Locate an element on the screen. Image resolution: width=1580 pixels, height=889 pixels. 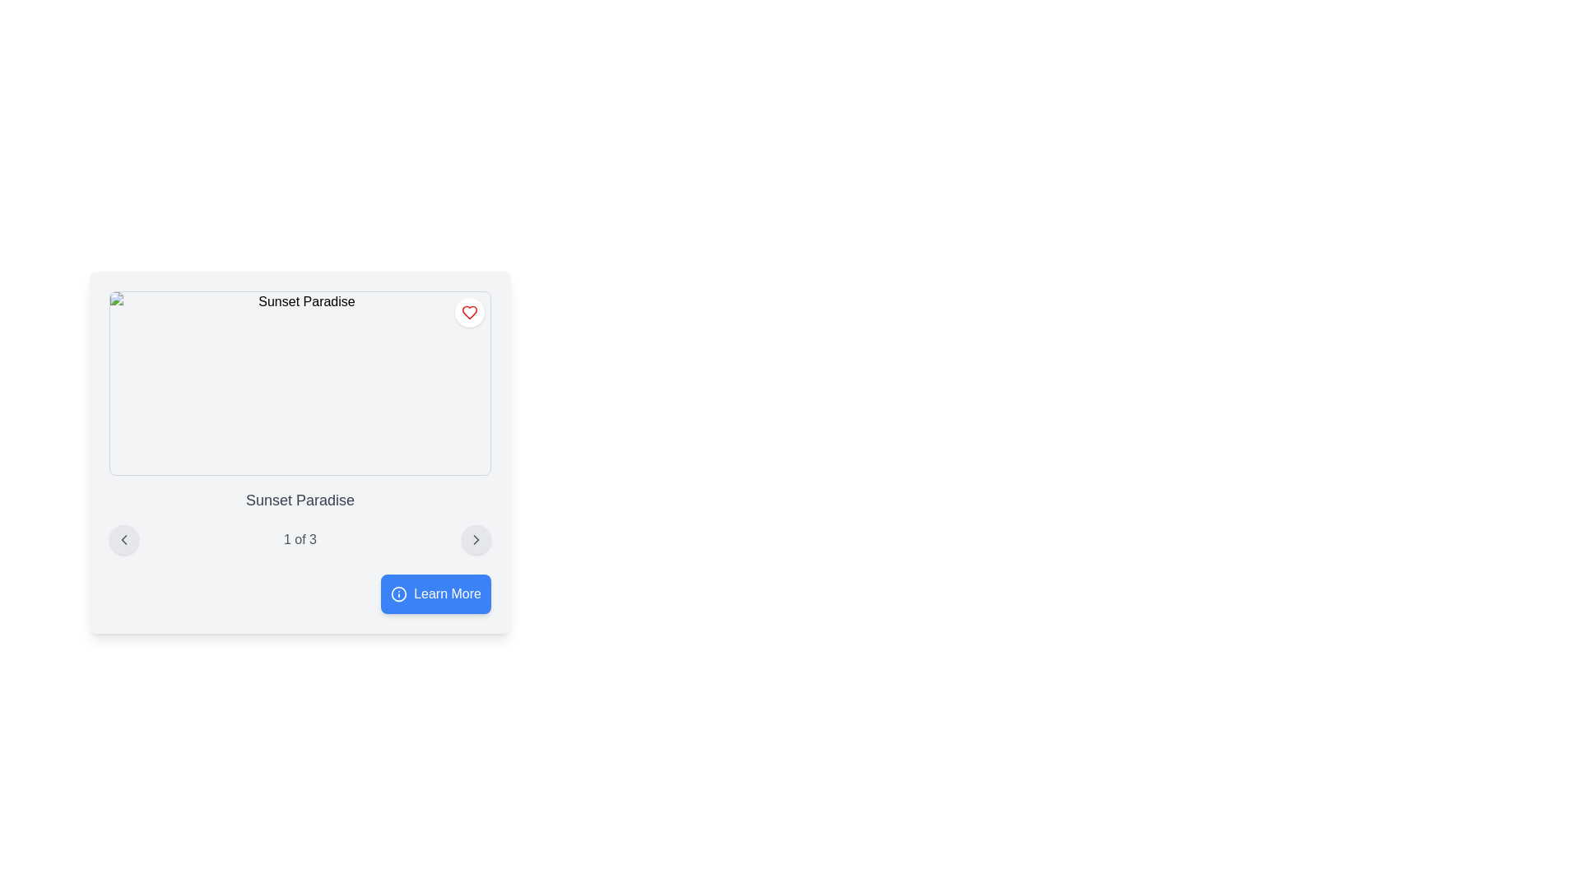
the 'Learn More' text label within the button is located at coordinates (447, 593).